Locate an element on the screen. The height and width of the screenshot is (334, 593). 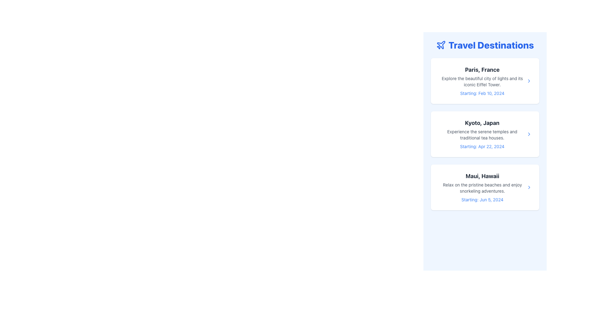
the Information Display Block for Paris, France, which is the first item in the vertical list of travel destinations is located at coordinates (482, 81).